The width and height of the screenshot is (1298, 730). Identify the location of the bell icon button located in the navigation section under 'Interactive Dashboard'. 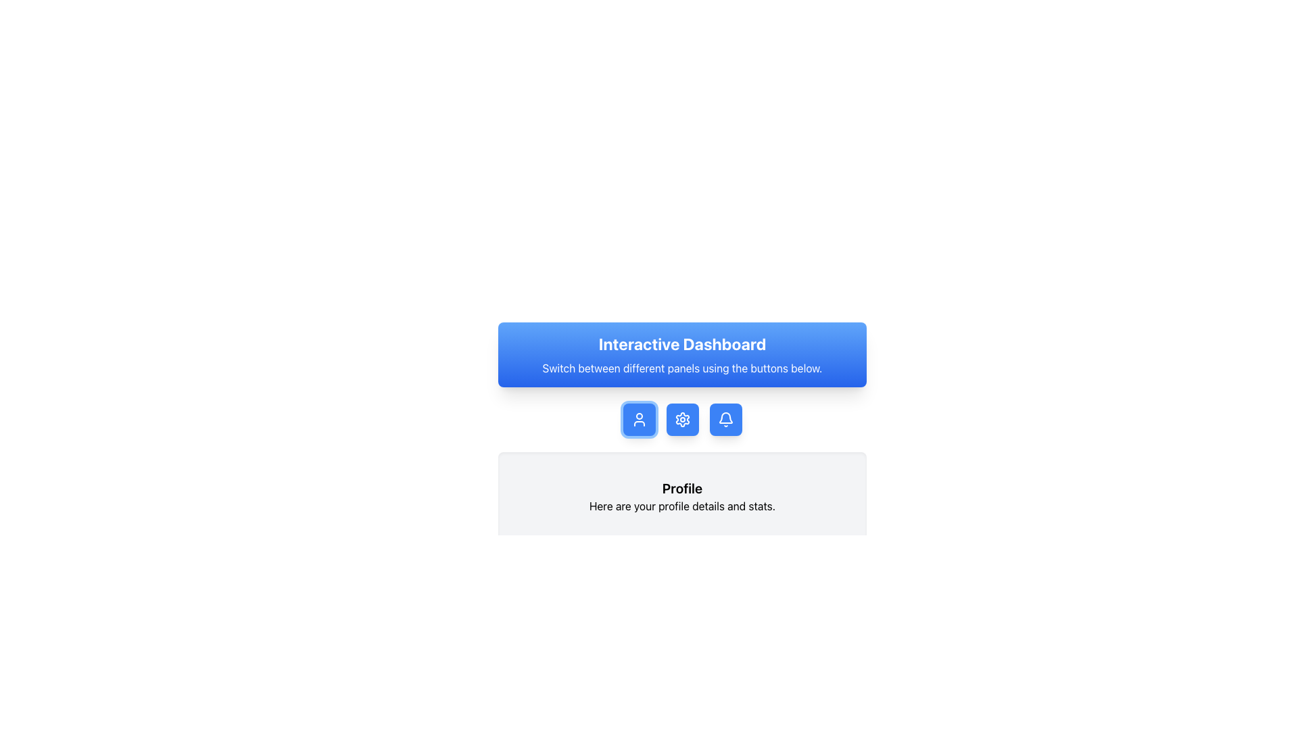
(725, 419).